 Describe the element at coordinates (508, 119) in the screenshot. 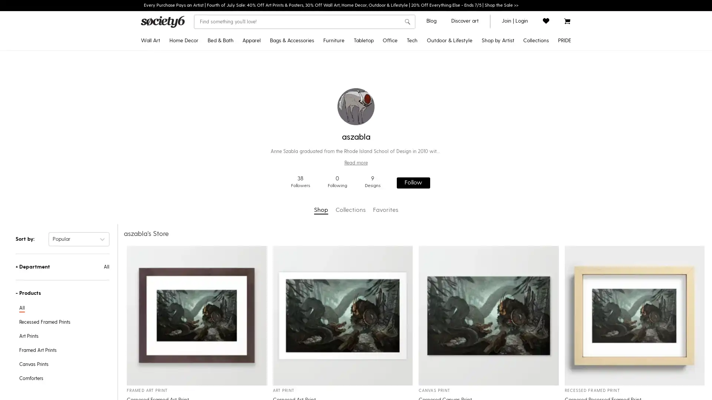

I see `Curator's Picks` at that location.